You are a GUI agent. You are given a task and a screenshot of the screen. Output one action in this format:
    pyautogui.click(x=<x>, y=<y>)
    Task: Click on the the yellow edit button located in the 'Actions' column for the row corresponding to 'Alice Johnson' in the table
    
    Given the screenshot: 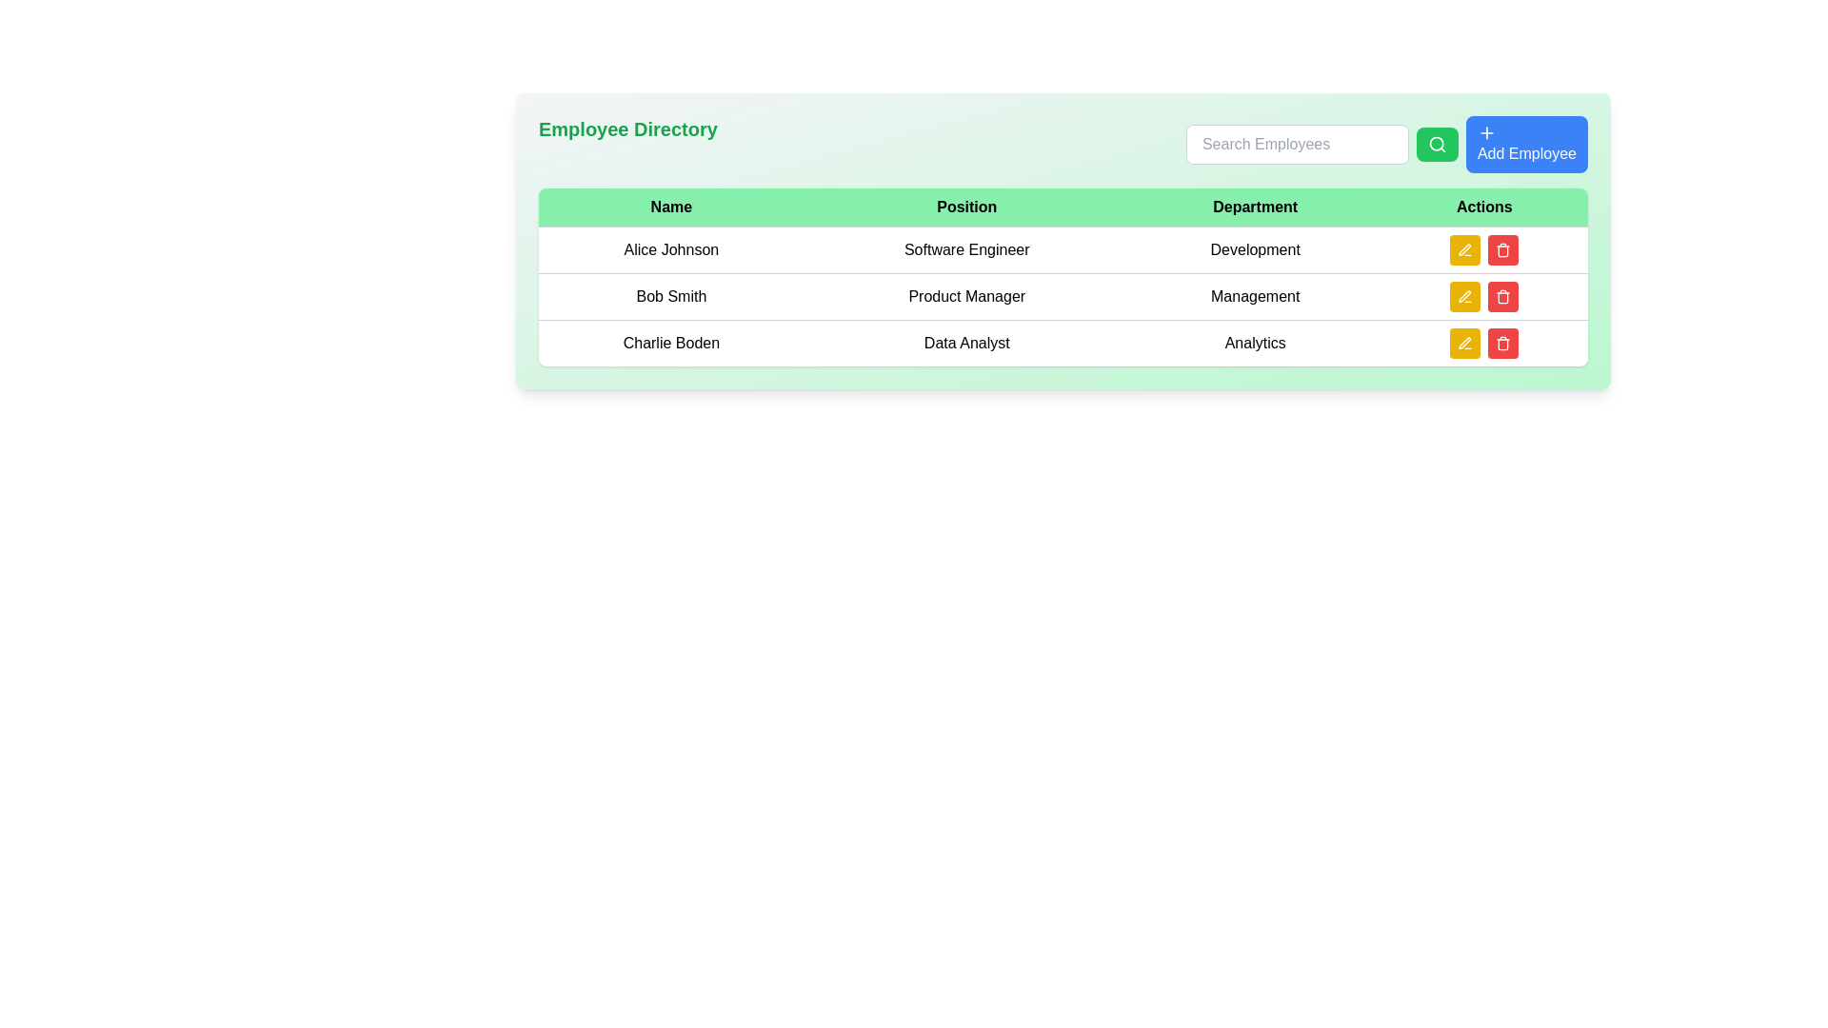 What is the action you would take?
    pyautogui.click(x=1483, y=248)
    